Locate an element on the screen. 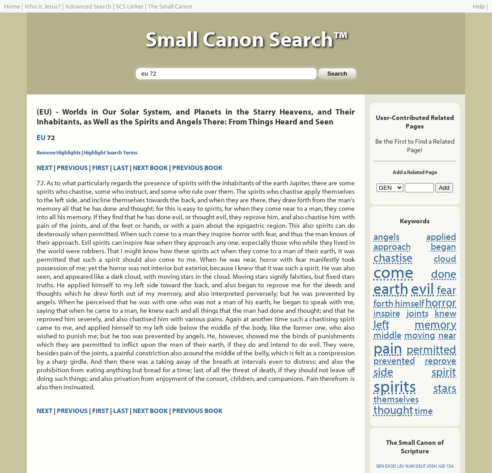 The image size is (492, 473). '1SA' is located at coordinates (449, 465).